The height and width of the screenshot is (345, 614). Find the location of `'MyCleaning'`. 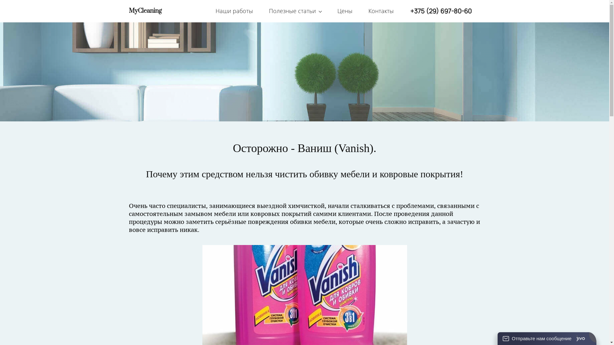

'MyCleaning' is located at coordinates (145, 11).